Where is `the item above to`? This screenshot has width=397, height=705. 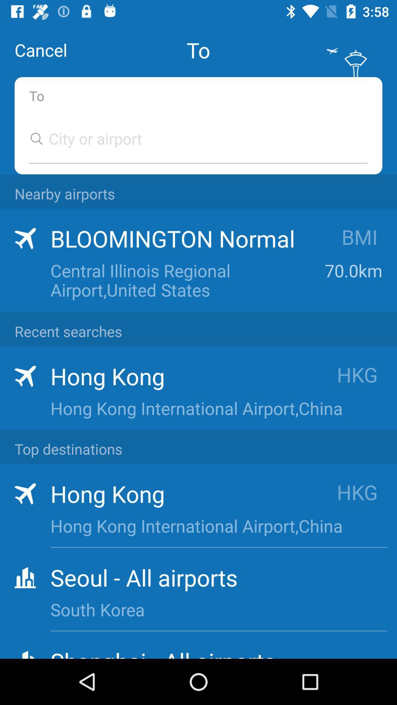 the item above to is located at coordinates (41, 50).